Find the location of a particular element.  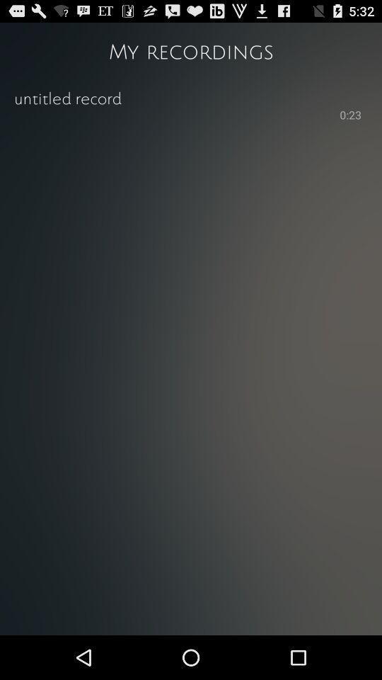

the item below the my recordings icon is located at coordinates (191, 96).